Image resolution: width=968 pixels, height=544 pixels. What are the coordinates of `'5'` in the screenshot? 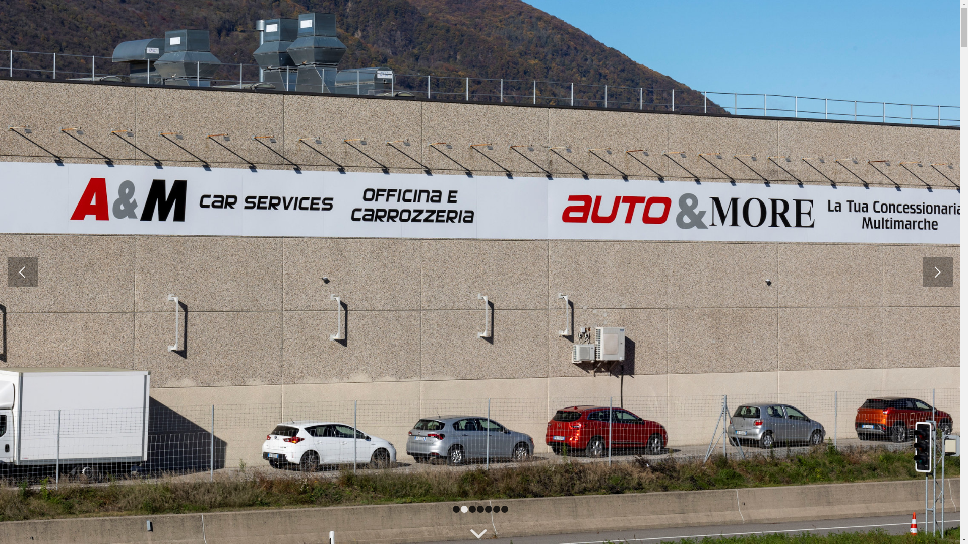 It's located at (489, 509).